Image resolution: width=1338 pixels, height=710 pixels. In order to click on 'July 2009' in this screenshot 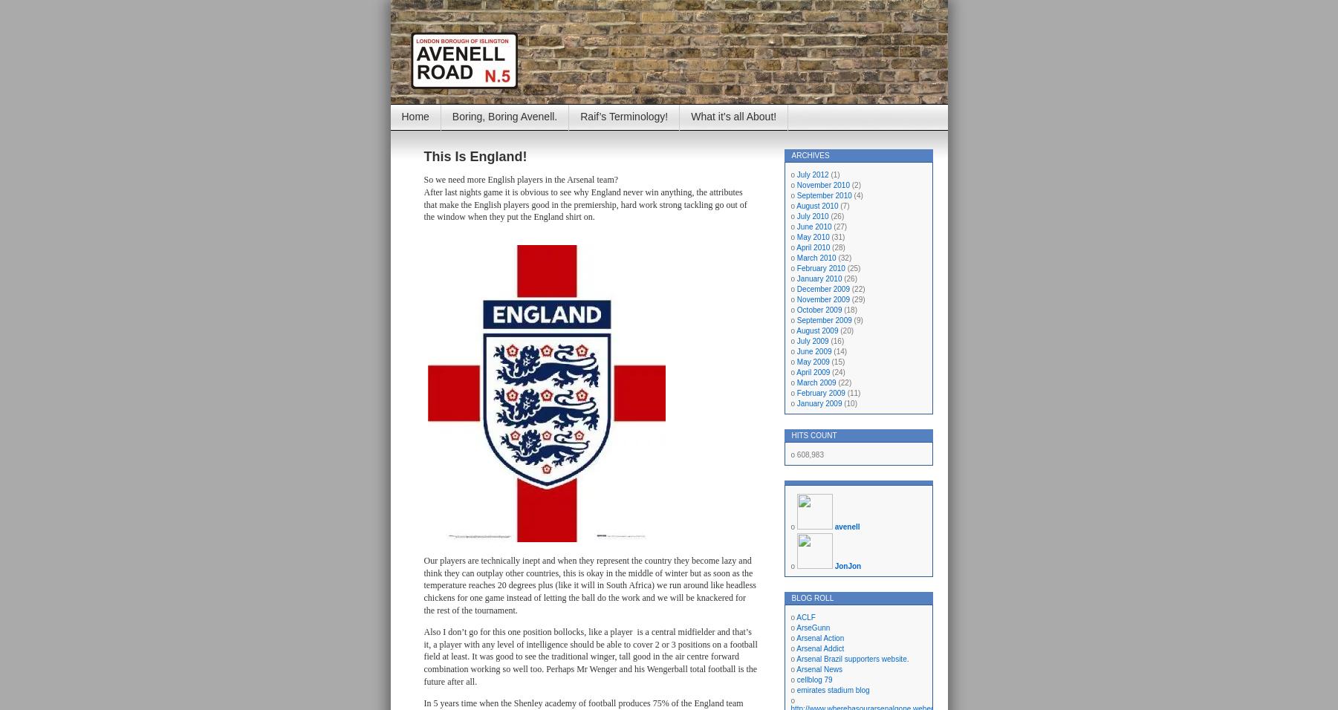, I will do `click(811, 341)`.